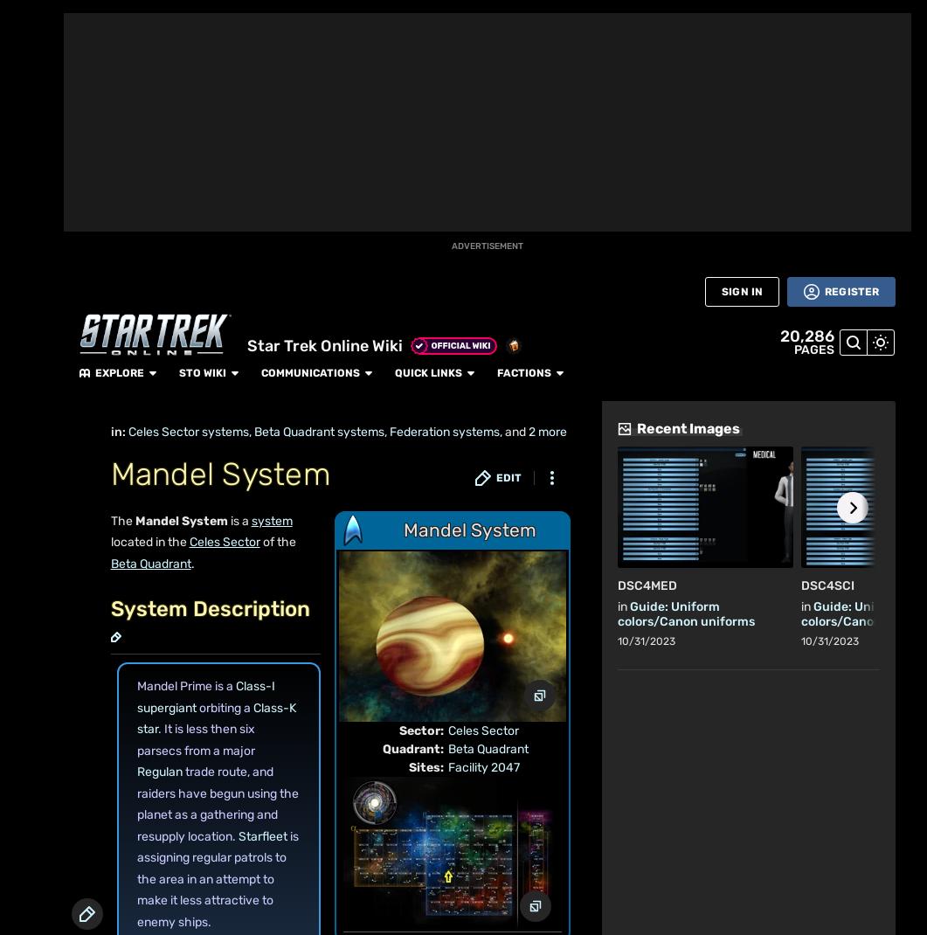 Image resolution: width=927 pixels, height=935 pixels. Describe the element at coordinates (110, 110) in the screenshot. I see `'Community content is available under'` at that location.